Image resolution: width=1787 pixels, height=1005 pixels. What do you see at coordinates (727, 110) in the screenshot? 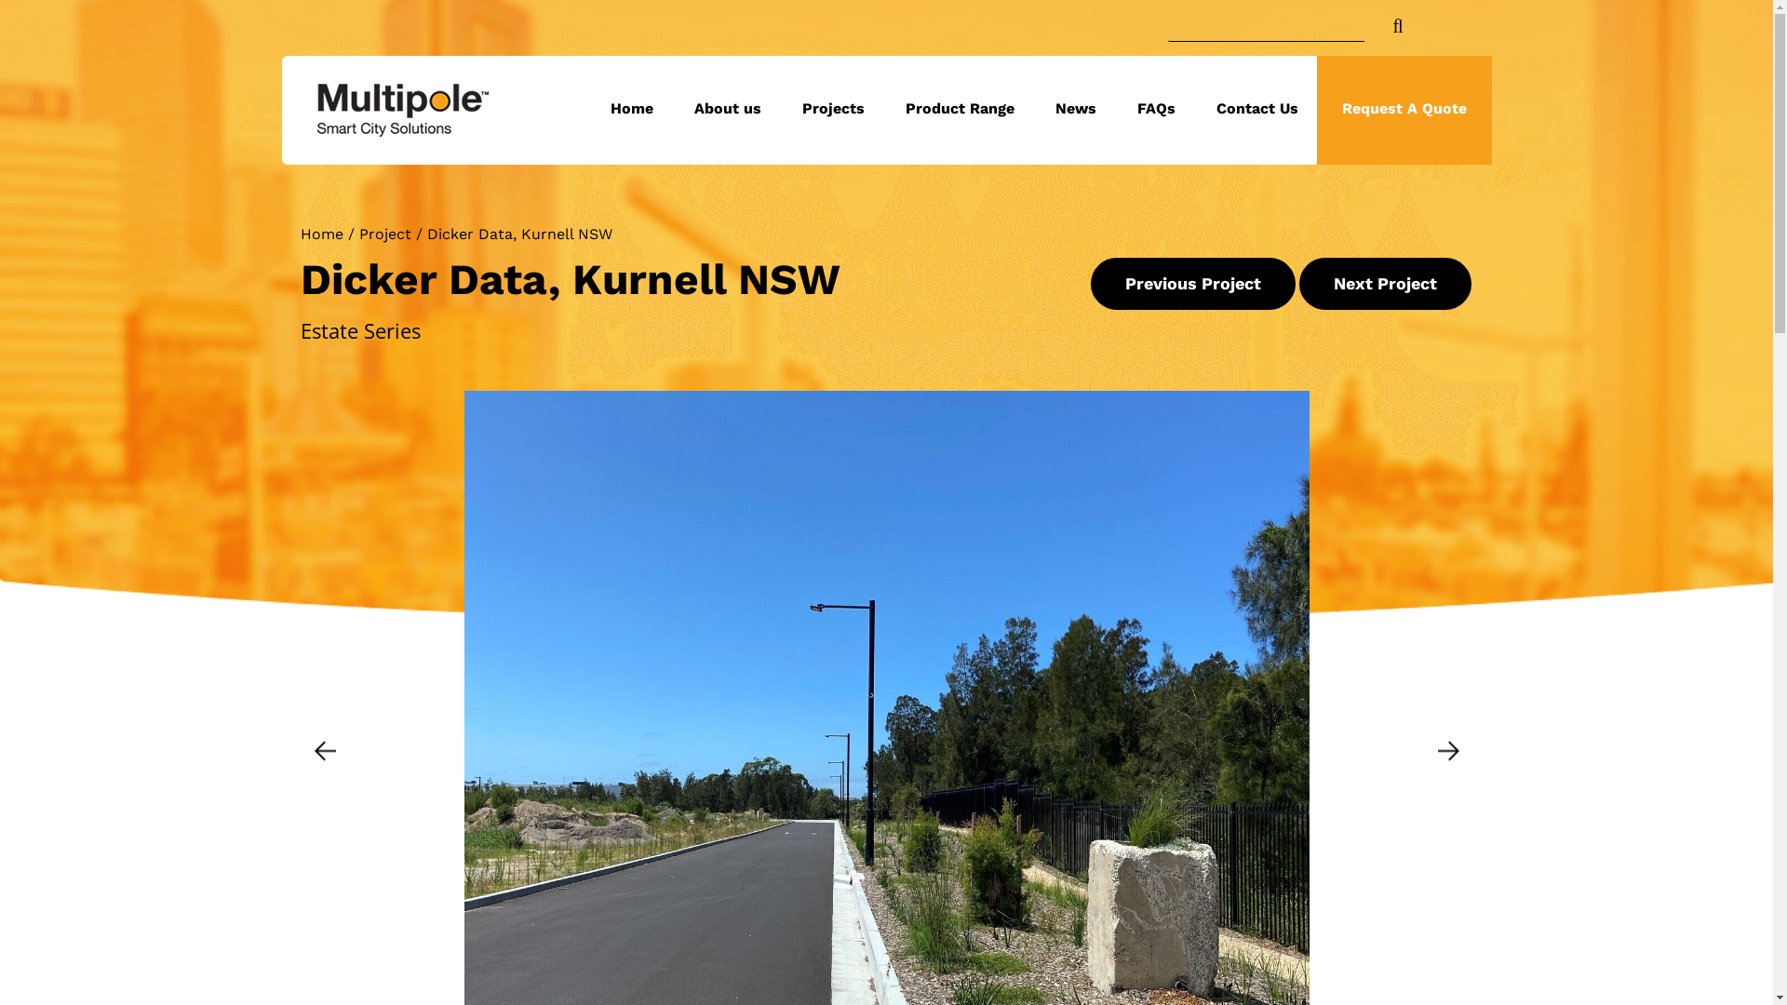
I see `'About us'` at bounding box center [727, 110].